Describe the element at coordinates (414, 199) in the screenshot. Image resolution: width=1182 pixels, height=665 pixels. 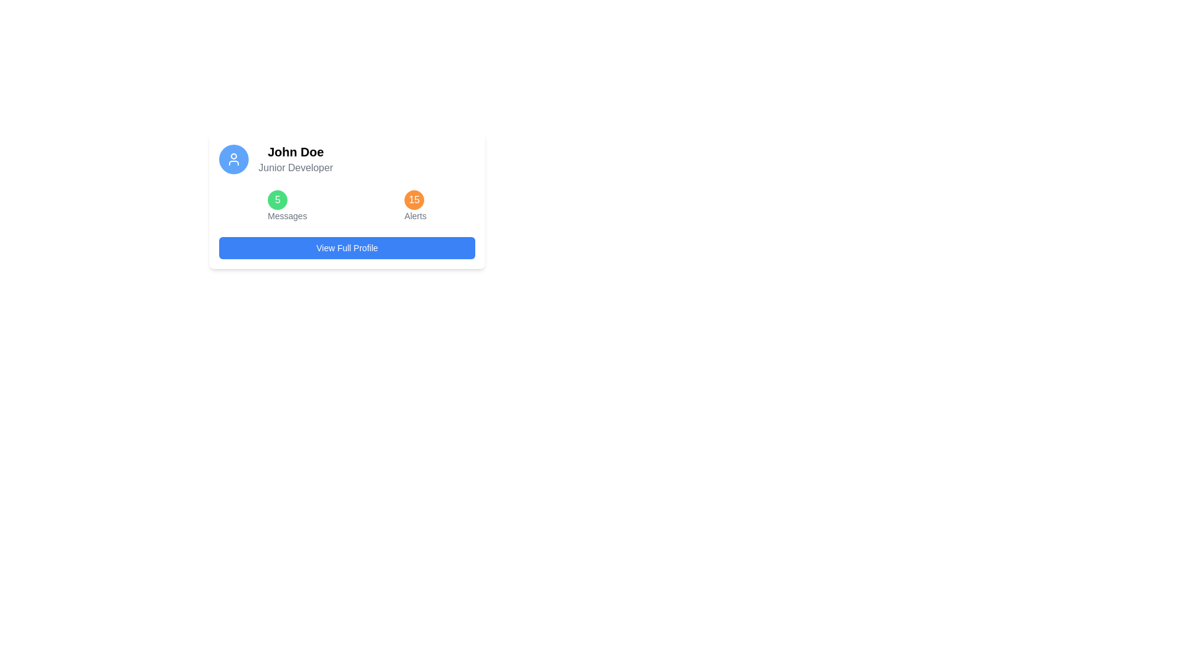
I see `the alert represented by the Notification Badge, which is positioned to the left of the text 'Alerts'` at that location.